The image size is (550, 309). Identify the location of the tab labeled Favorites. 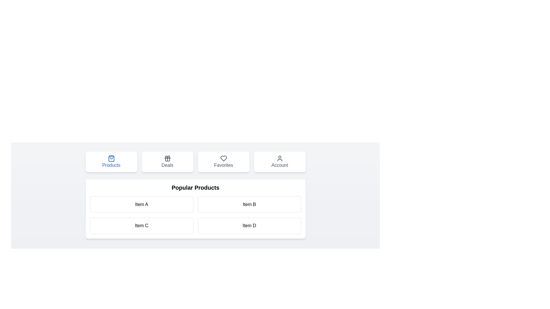
(223, 162).